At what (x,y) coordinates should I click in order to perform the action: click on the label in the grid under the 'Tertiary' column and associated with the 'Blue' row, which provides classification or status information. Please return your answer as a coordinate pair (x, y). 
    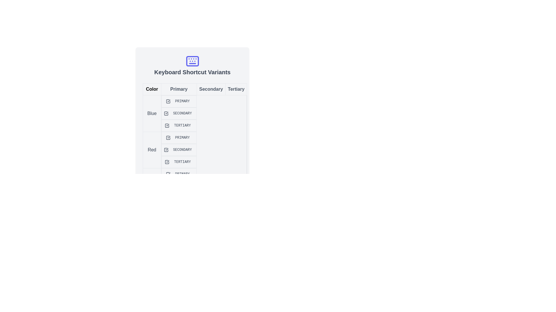
    Looking at the image, I should click on (182, 125).